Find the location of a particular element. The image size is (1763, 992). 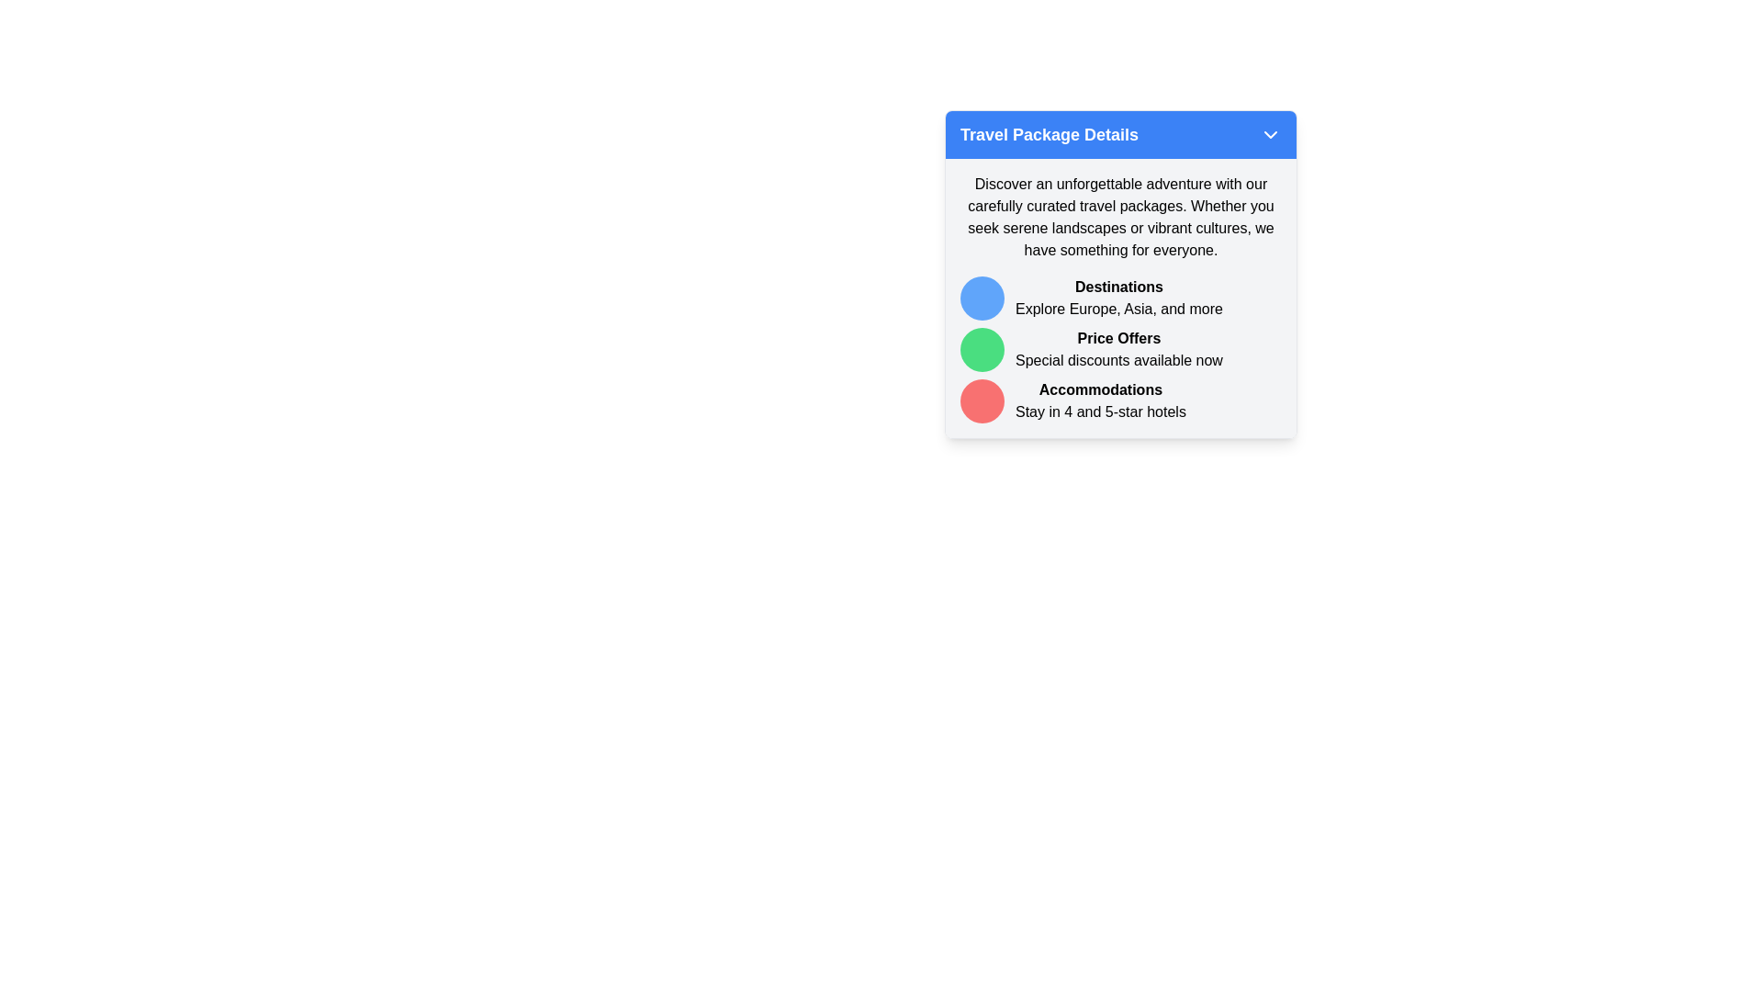

text label element 'Accommodations' which is prominently displayed in bold within the 'Travel Package Details' section, located above the text 'Stay in 4 and 5-star hotels' is located at coordinates (1101, 389).